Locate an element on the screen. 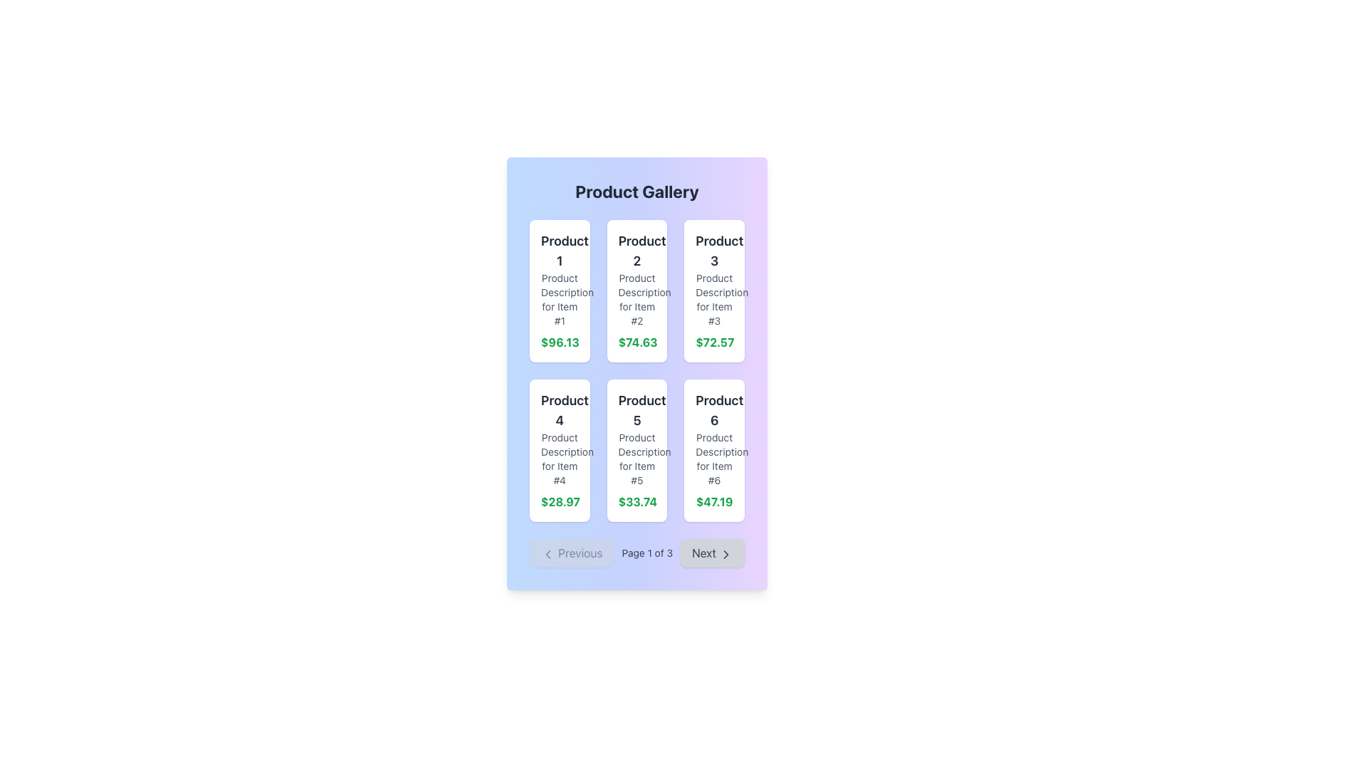  the title text element representing 'Product 4', located in the second row, first column of the grid layout, above the description and price is located at coordinates (559, 411).